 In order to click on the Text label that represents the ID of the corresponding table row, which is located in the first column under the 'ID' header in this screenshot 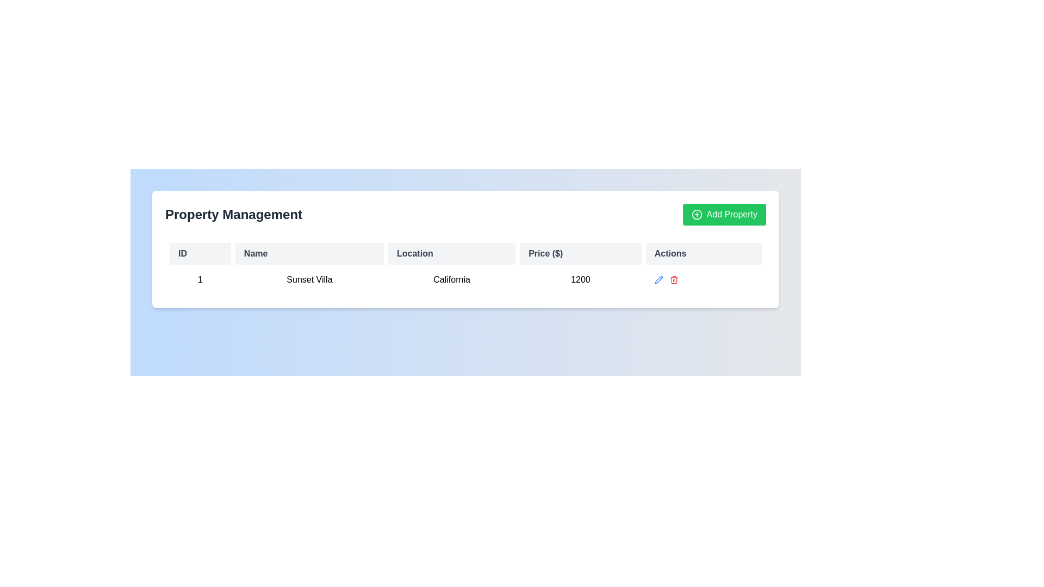, I will do `click(200, 279)`.